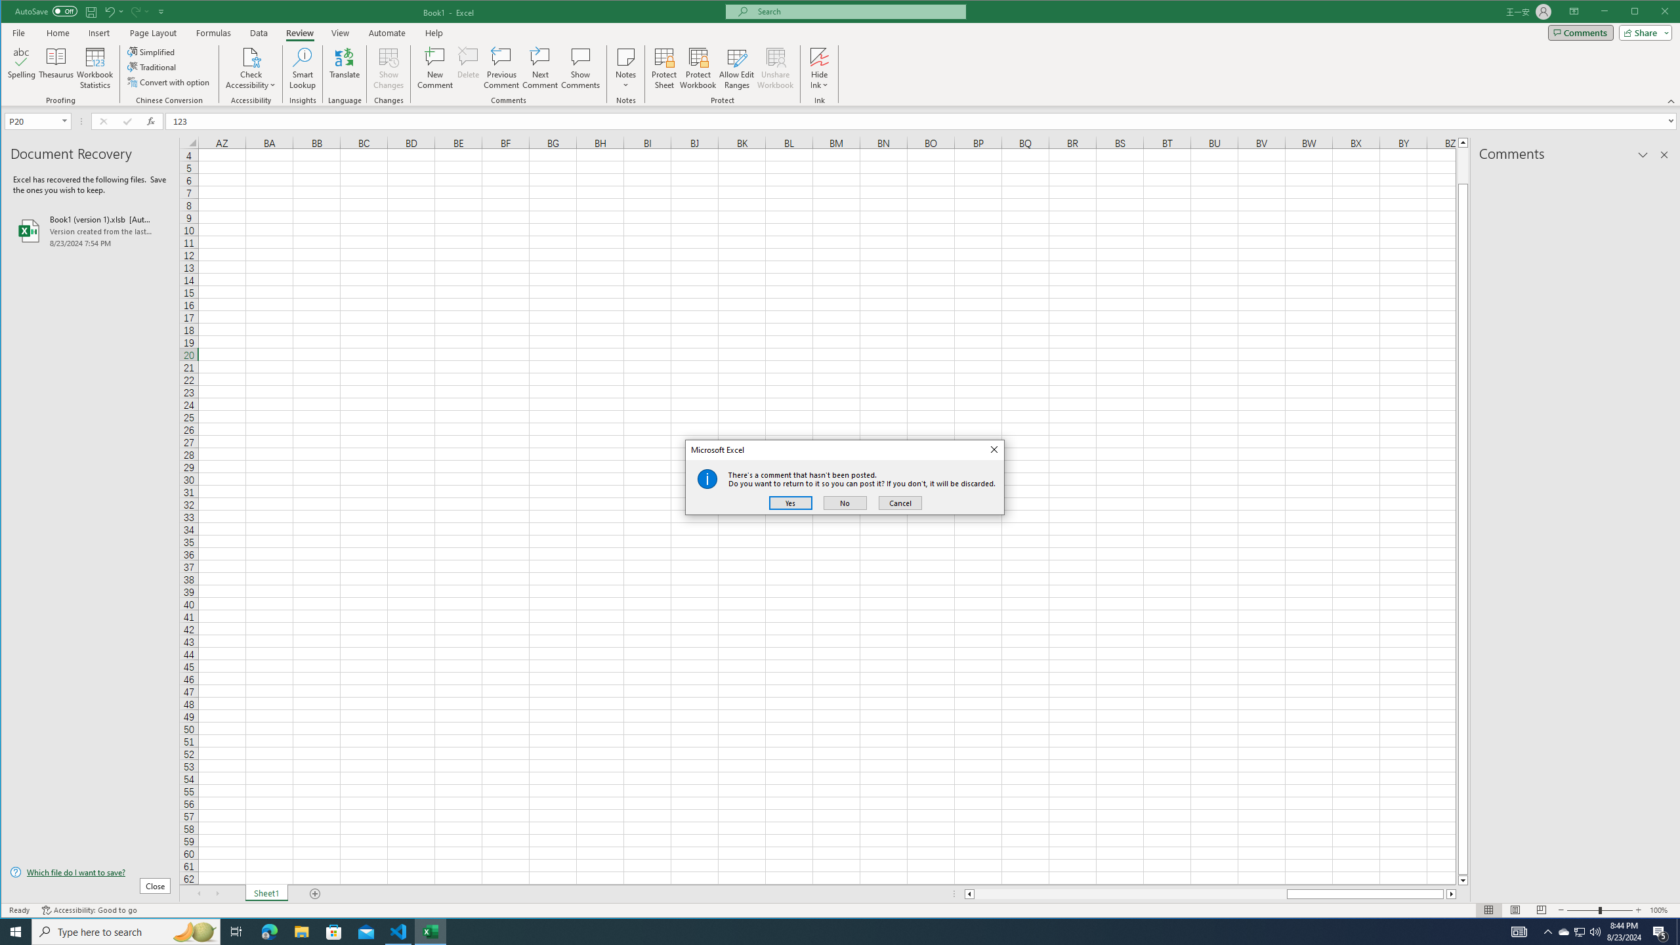  I want to click on 'Yes', so click(789, 502).